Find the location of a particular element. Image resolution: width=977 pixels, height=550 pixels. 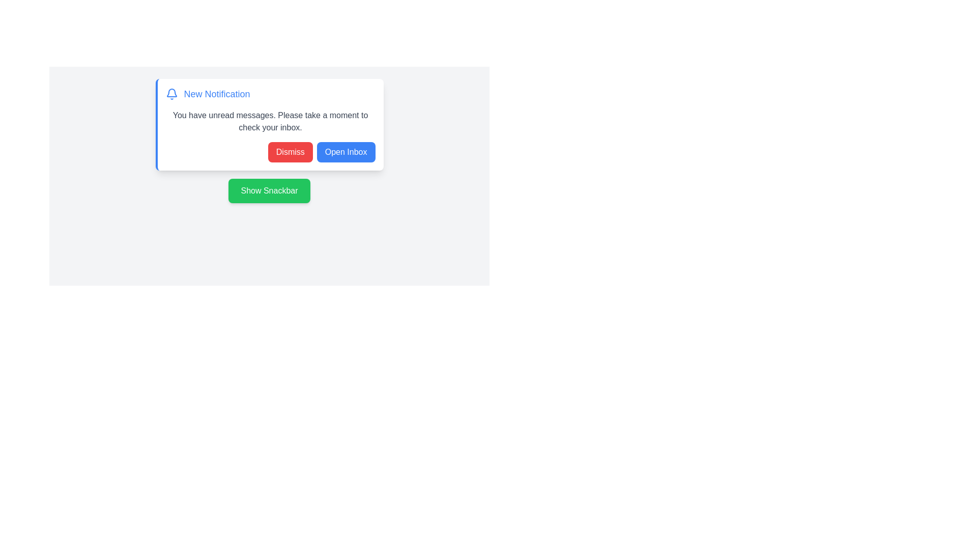

the 'Open Inbox' button to trigger the inbox alert is located at coordinates (346, 152).